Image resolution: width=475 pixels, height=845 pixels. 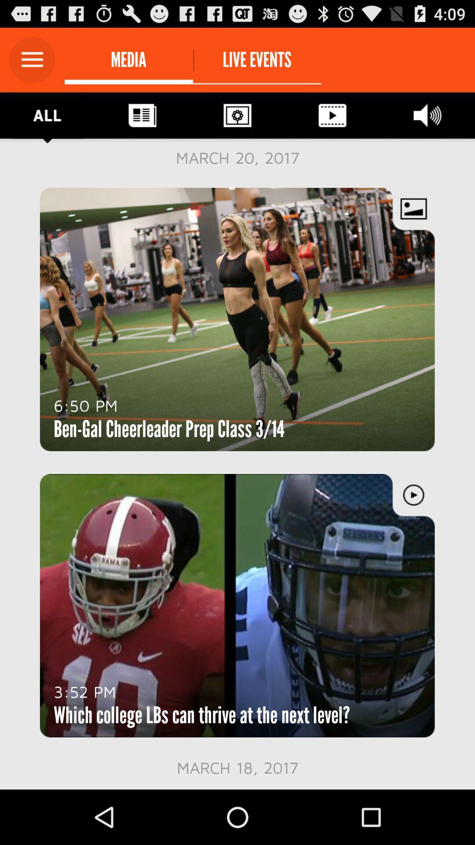 I want to click on the which college lbs, so click(x=202, y=715).